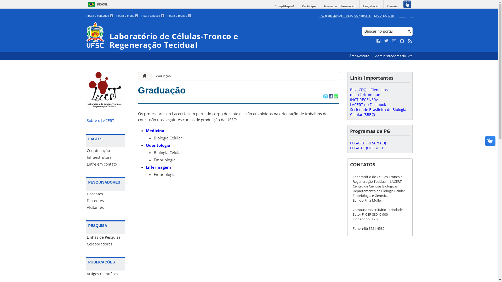 This screenshot has width=502, height=282. Describe the element at coordinates (367, 143) in the screenshot. I see `'PPG-BCD (UFSC/CCB)'` at that location.